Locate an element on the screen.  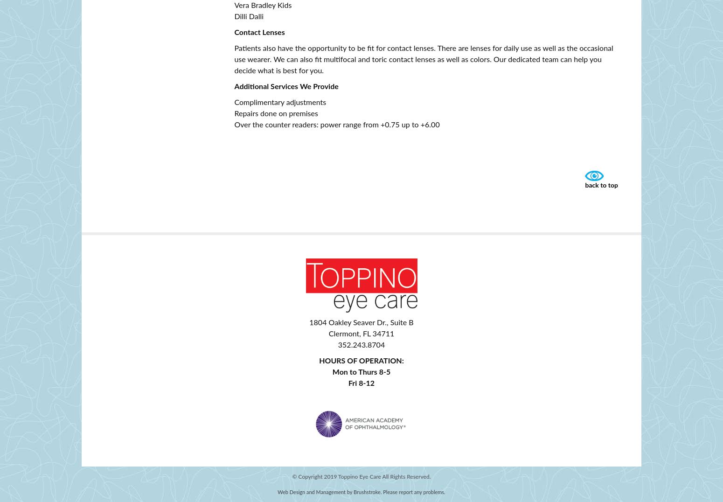
'Repairs done on premises' is located at coordinates (276, 114).